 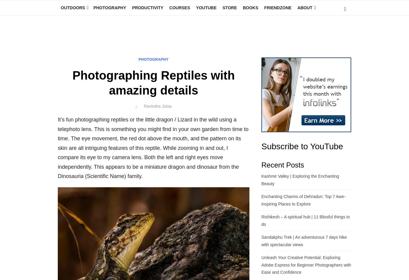 What do you see at coordinates (3, 39) in the screenshot?
I see `'Ravindra Joisa'` at bounding box center [3, 39].